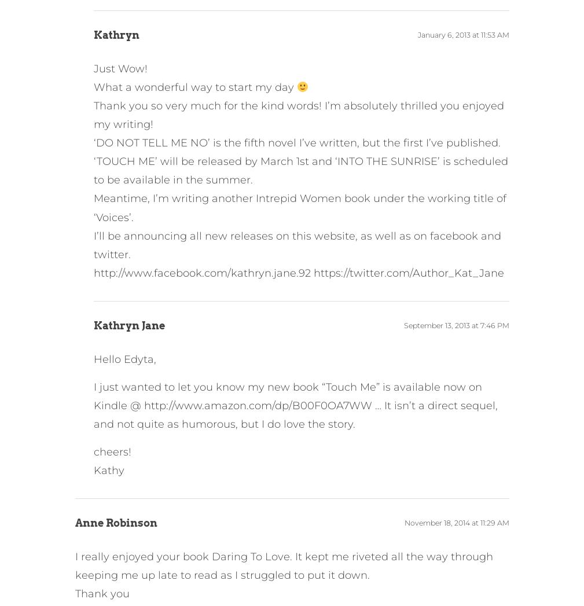  I want to click on 'I’ll be announcing all new releases on this website, as well as on facebook and twitter.', so click(296, 244).